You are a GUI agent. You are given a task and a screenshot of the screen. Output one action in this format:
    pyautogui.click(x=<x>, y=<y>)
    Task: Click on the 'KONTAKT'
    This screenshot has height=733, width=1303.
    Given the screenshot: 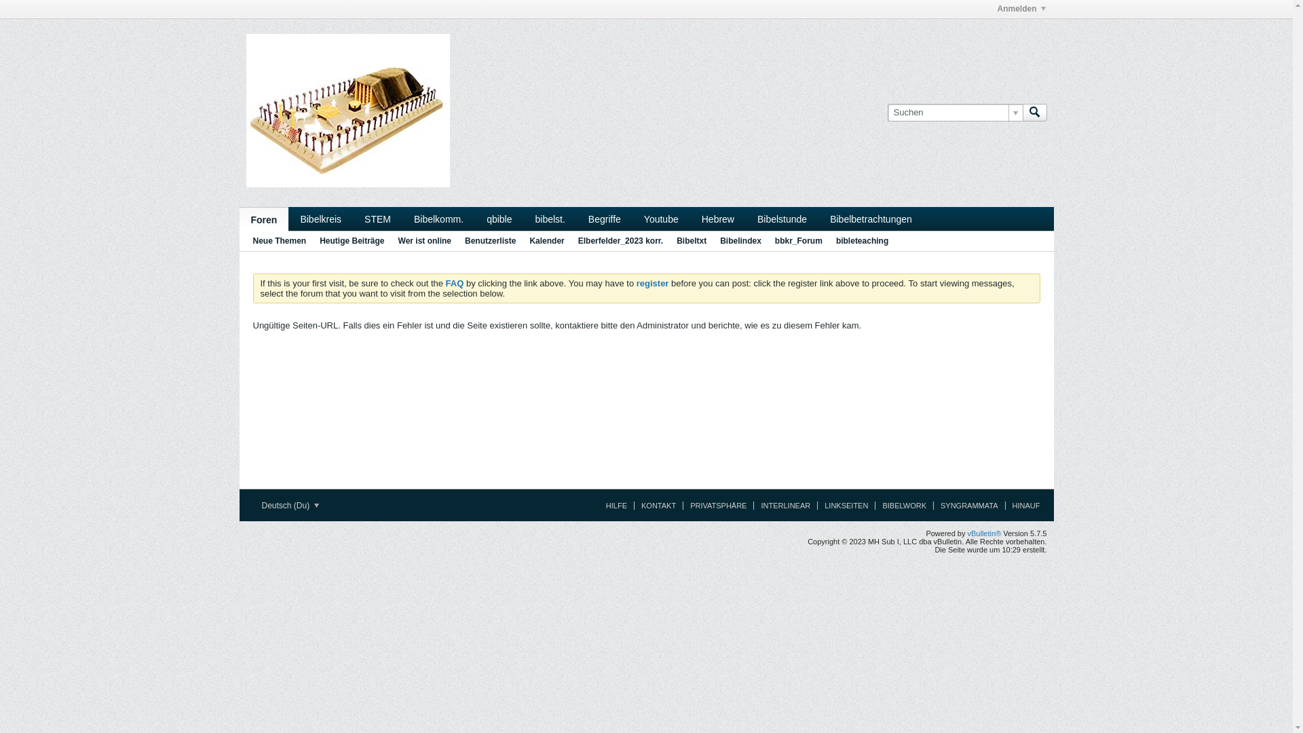 What is the action you would take?
    pyautogui.click(x=633, y=505)
    